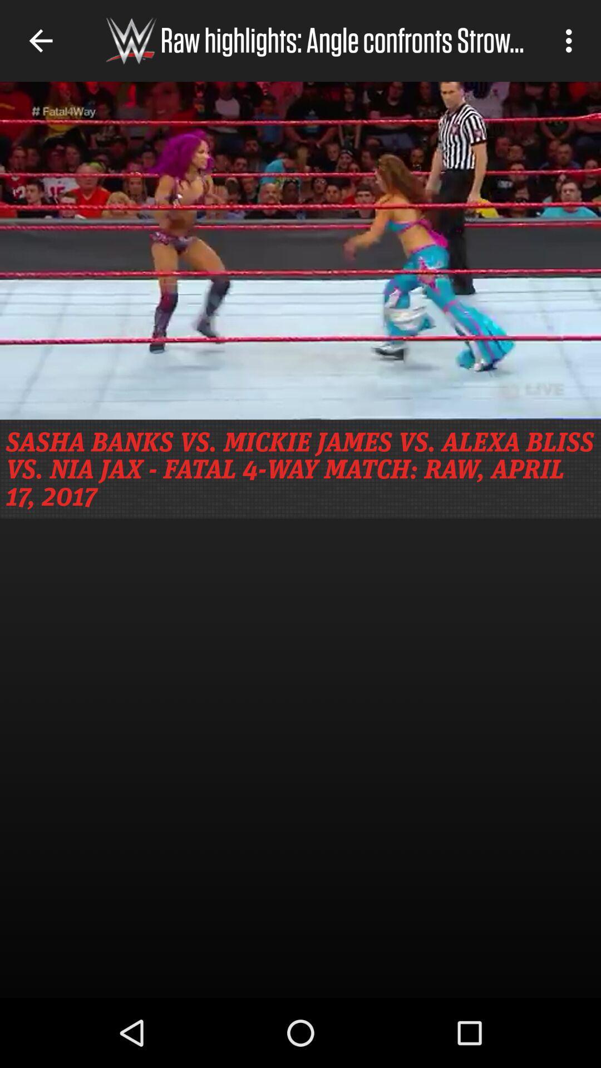 The width and height of the screenshot is (601, 1068). Describe the element at coordinates (572, 41) in the screenshot. I see `icon next to the raw highlights angle item` at that location.